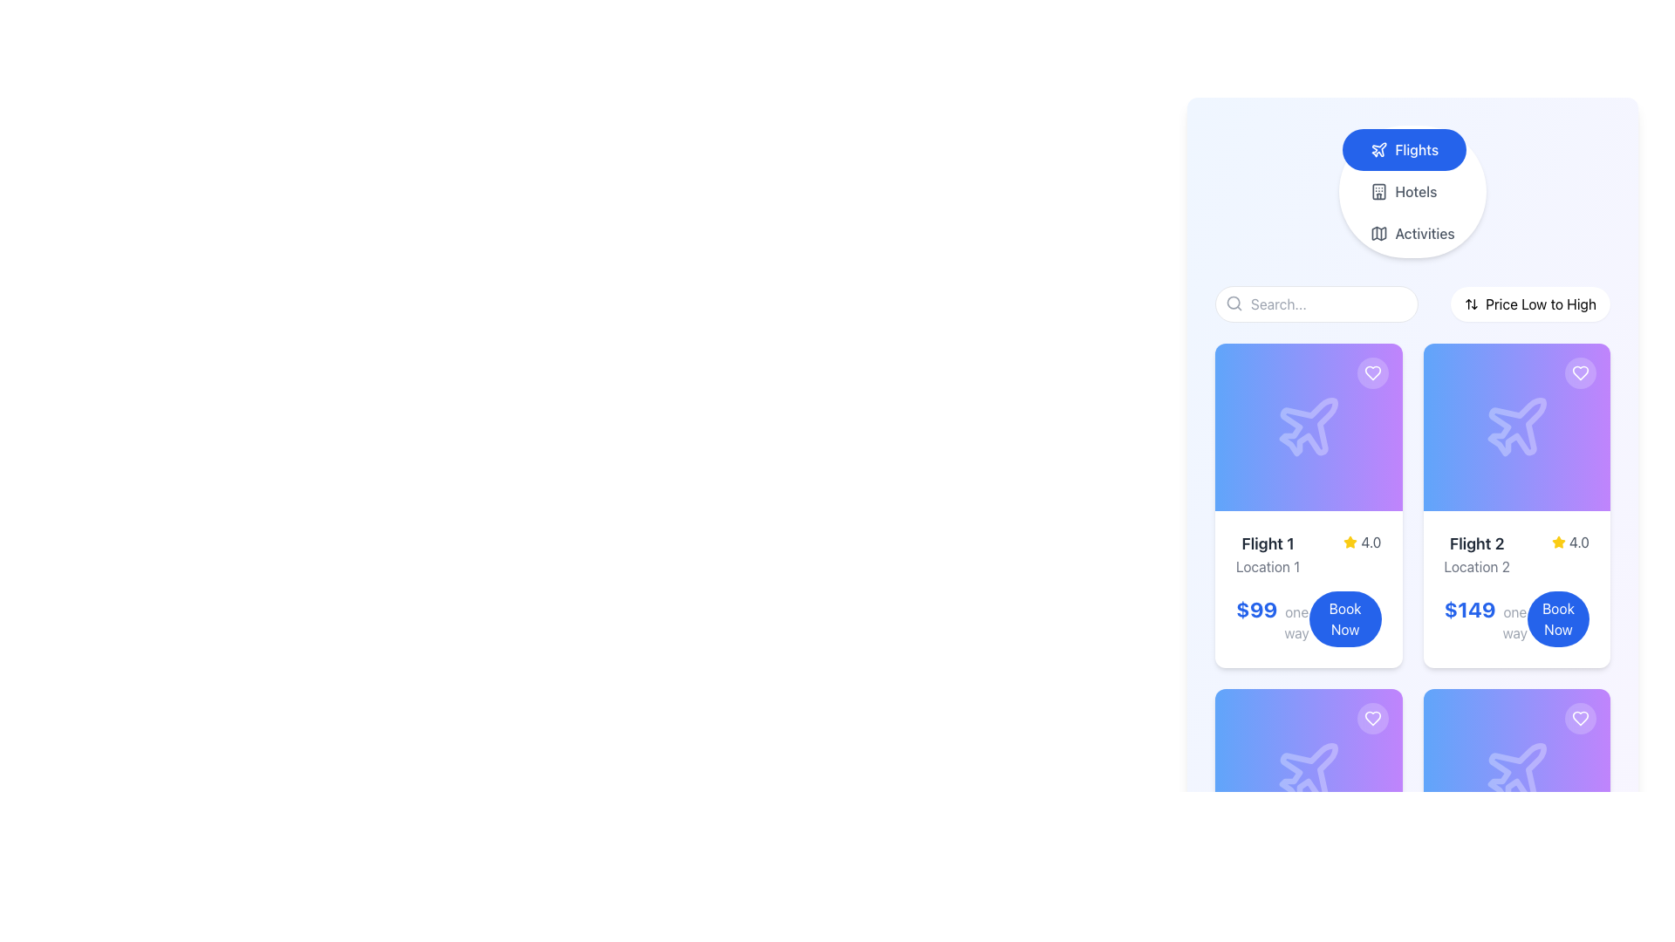  I want to click on the circular button with a white heart outline located in the top-right corner of the 'Flight 2' card, so click(1580, 372).